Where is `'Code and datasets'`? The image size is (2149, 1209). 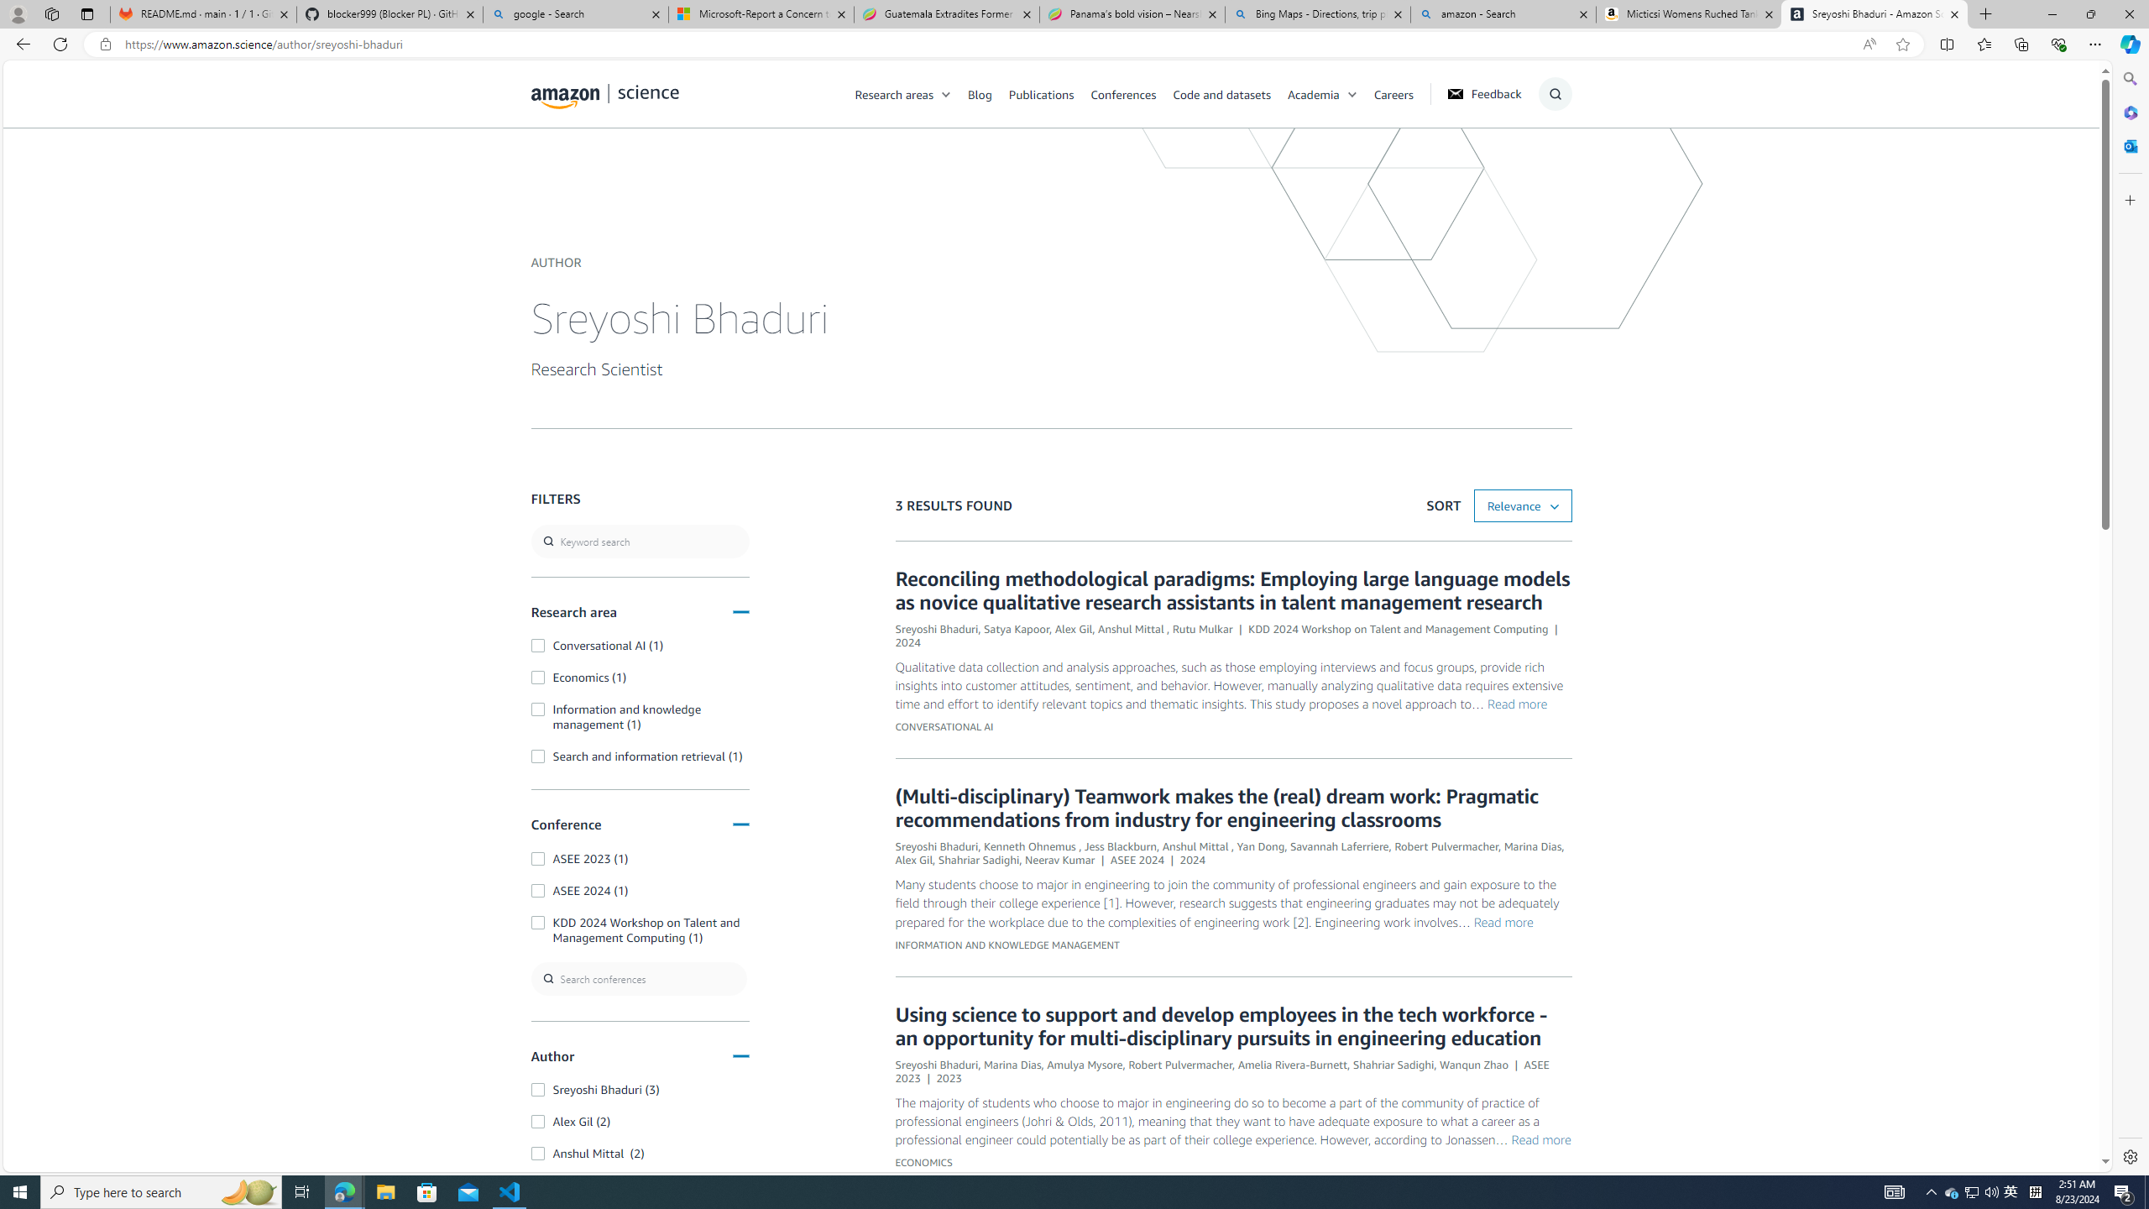
'Code and datasets' is located at coordinates (1229, 93).